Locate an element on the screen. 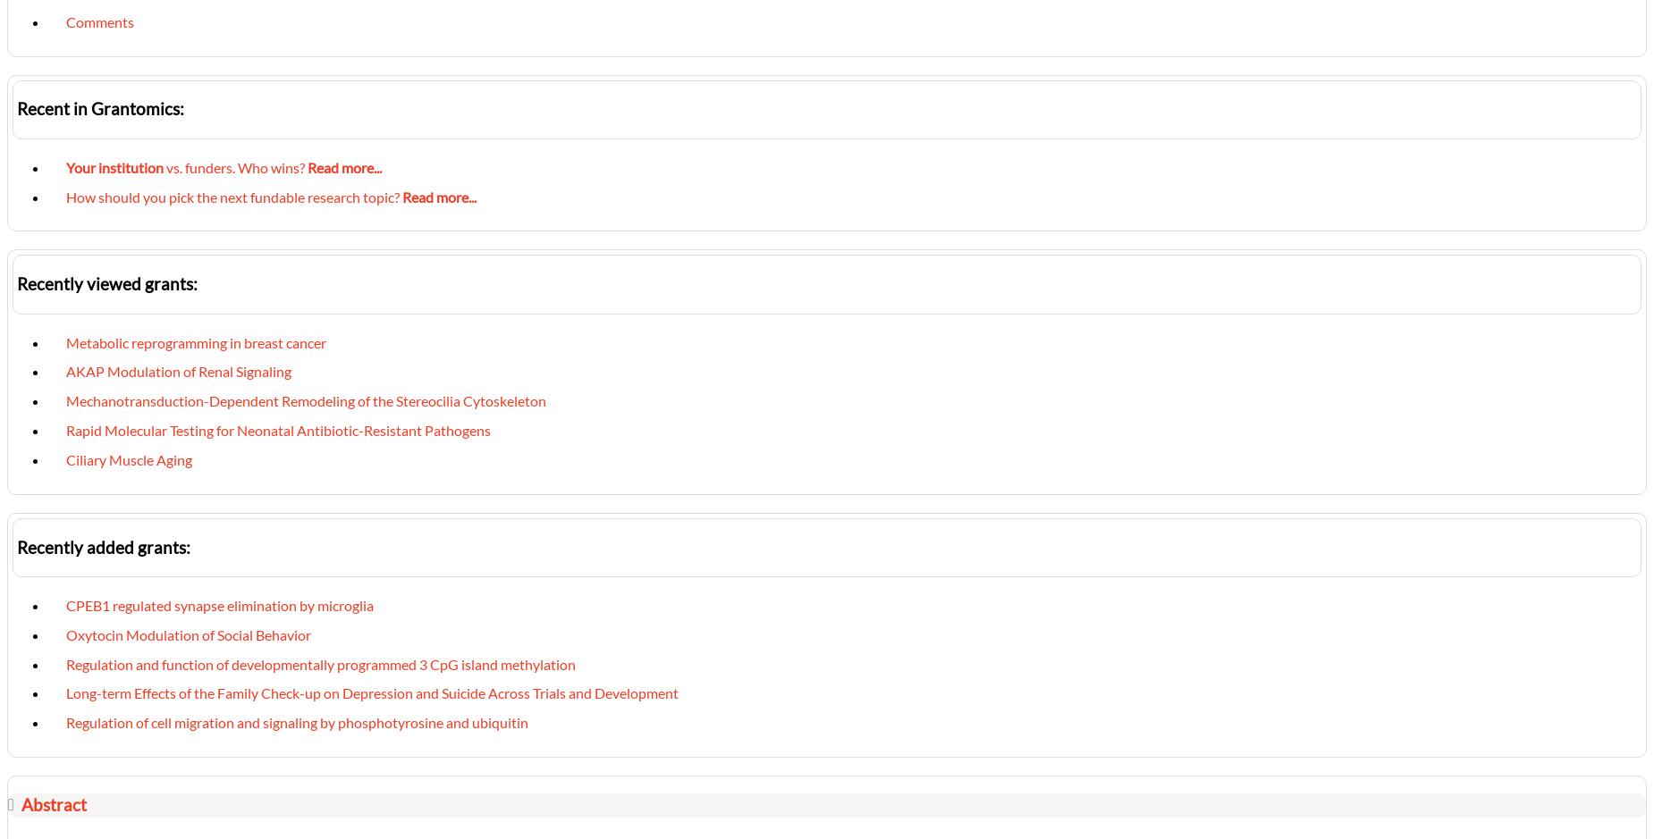 This screenshot has height=839, width=1654. 'Mechanotransduction-Dependent Remodeling of the Stereocilia Cytoskeleton' is located at coordinates (305, 400).